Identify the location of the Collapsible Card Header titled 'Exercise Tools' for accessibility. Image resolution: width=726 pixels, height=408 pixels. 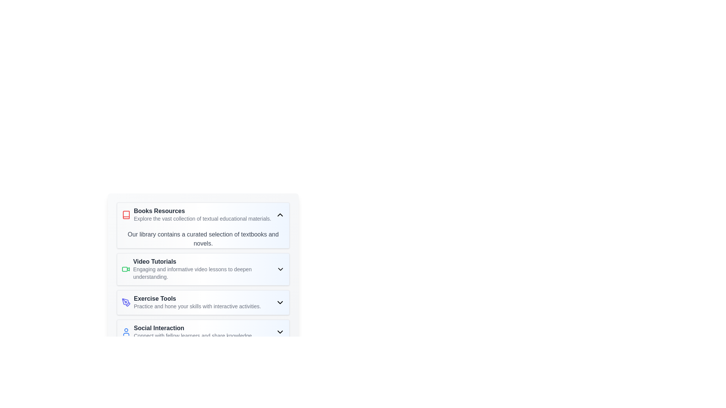
(203, 302).